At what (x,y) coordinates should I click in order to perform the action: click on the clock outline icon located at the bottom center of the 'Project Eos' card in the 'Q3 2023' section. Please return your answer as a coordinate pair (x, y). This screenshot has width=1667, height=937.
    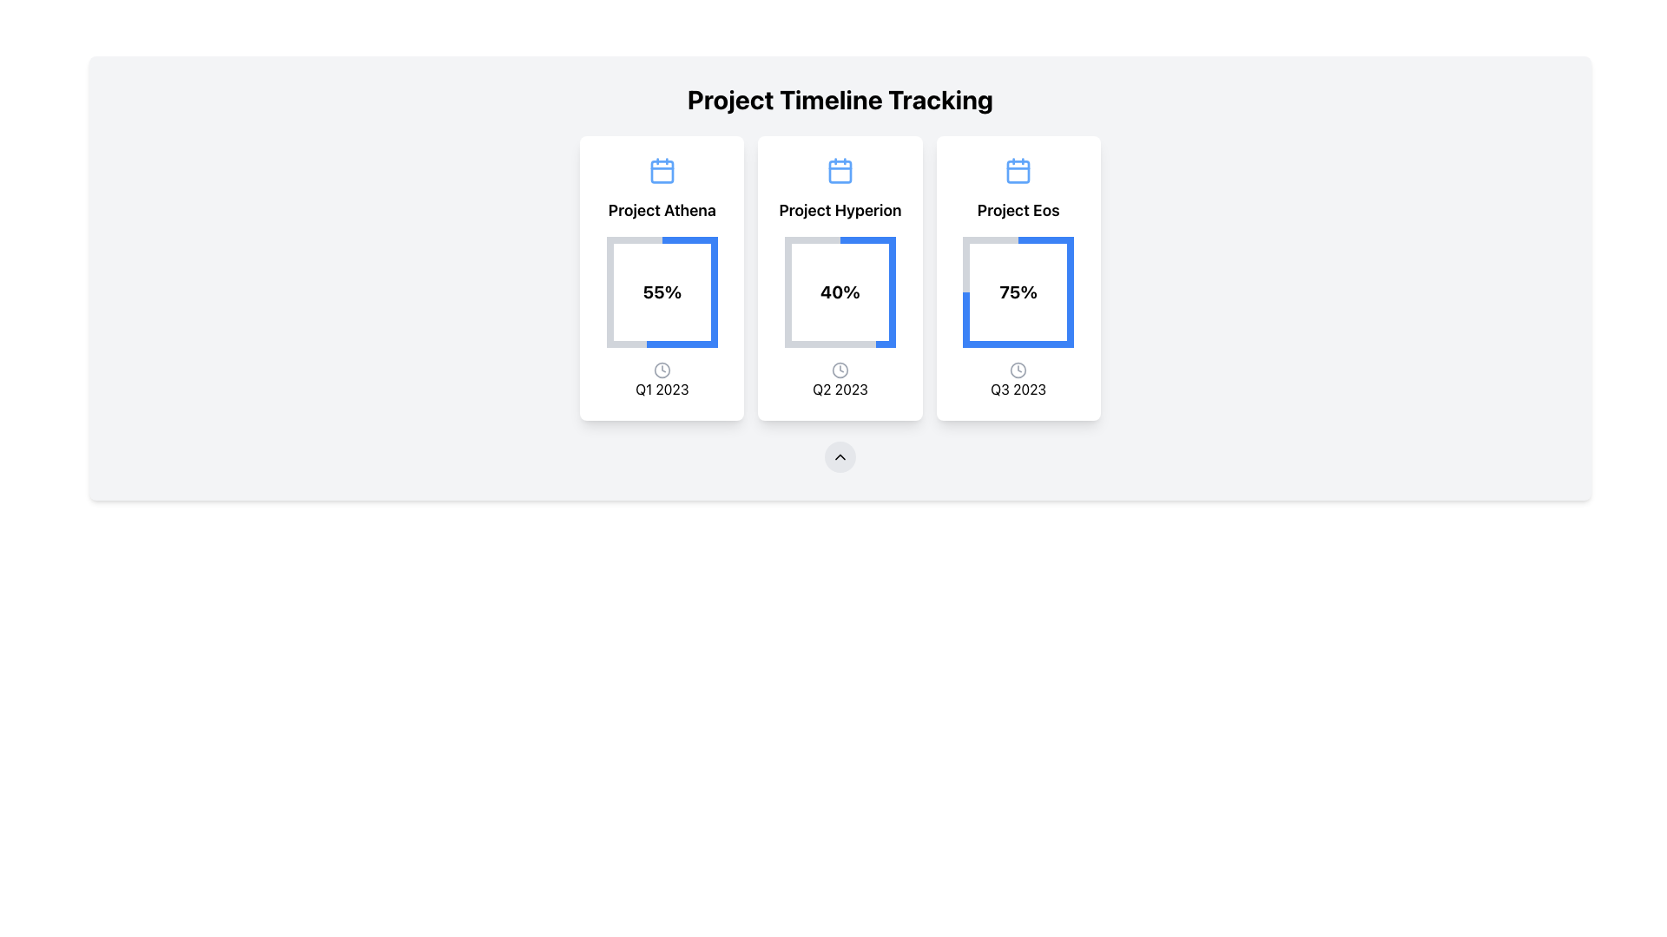
    Looking at the image, I should click on (1018, 370).